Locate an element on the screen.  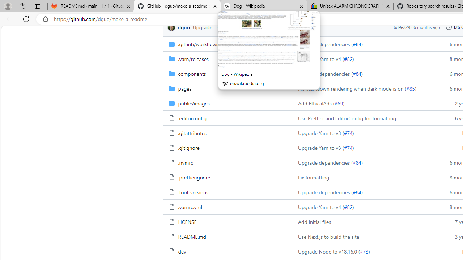
'.yarn/releases, (Directory)' is located at coordinates (193, 58).